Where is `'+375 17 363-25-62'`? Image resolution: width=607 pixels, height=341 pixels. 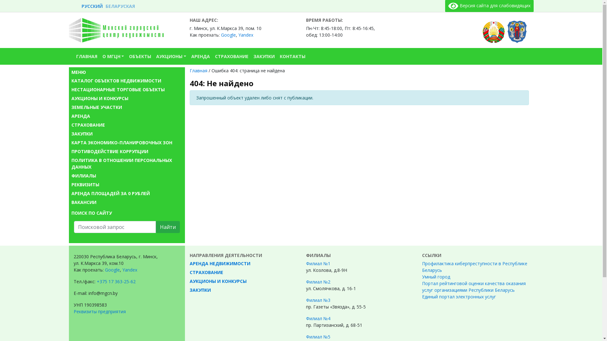 '+375 17 363-25-62' is located at coordinates (116, 281).